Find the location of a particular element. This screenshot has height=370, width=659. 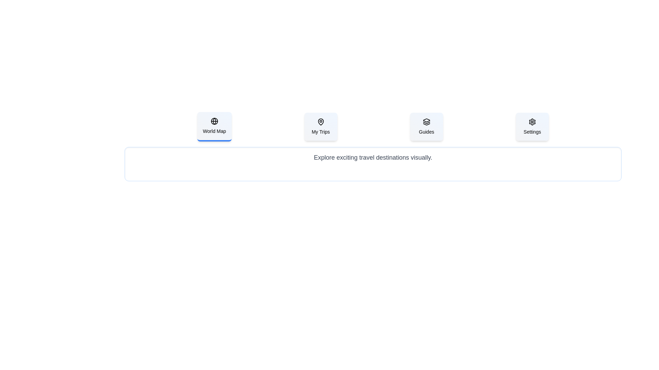

the tab labeled World Map to view its associated content is located at coordinates (214, 127).